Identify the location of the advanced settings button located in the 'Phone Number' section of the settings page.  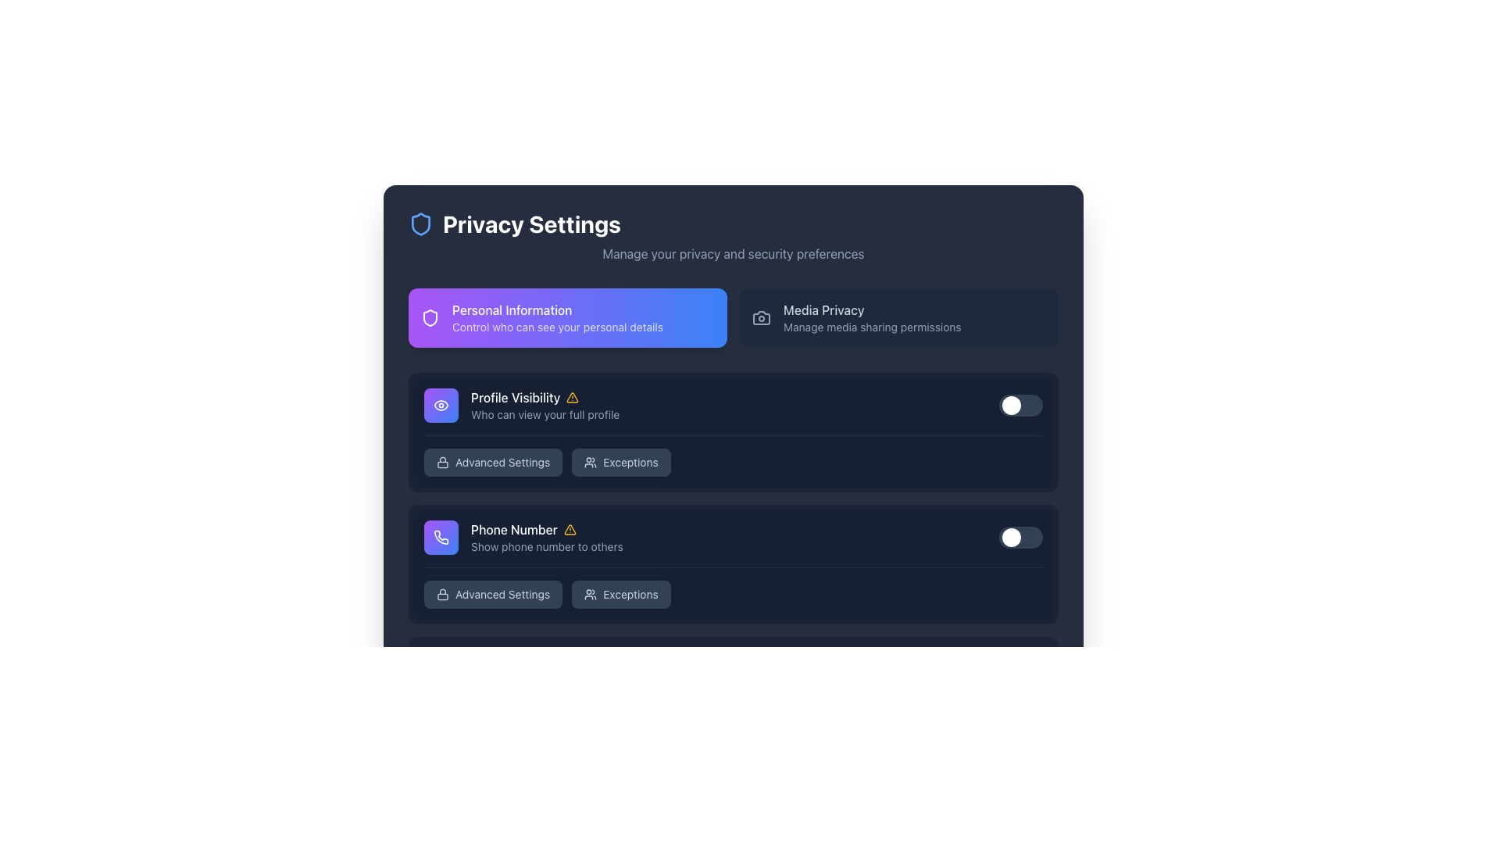
(492, 726).